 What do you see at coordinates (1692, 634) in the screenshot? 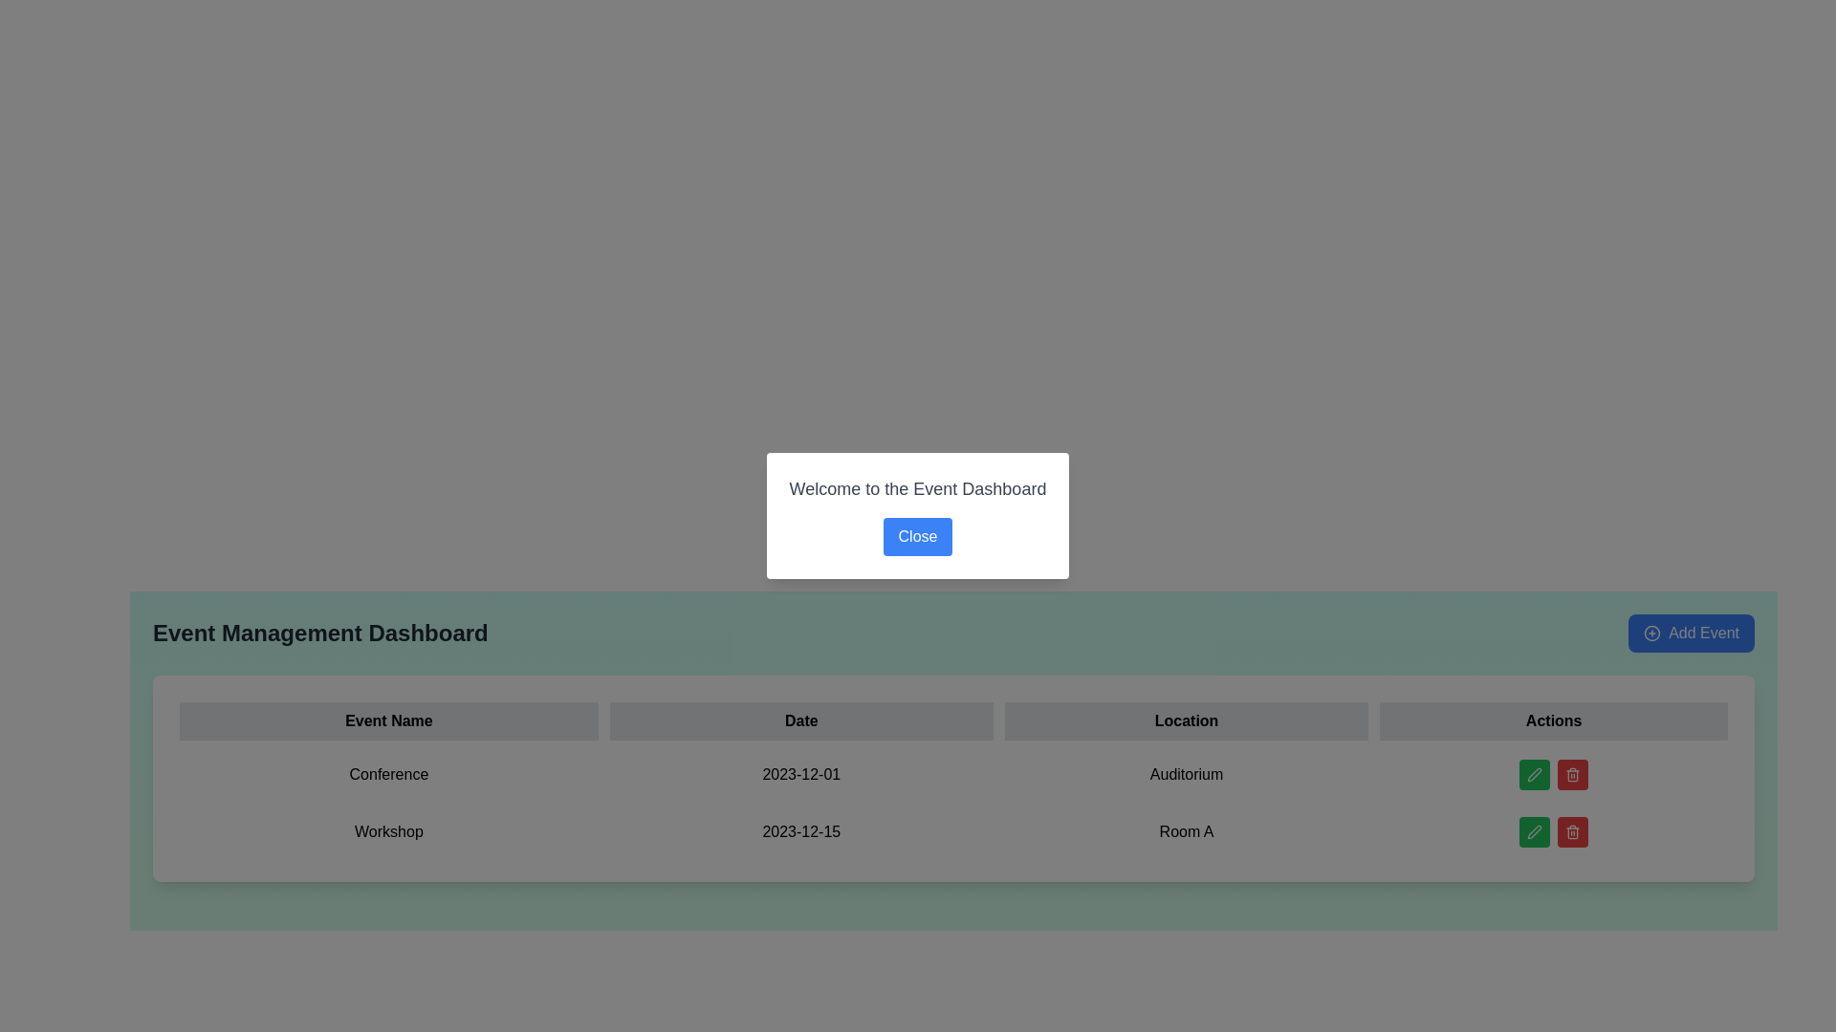
I see `the prominently styled blue 'Add Event' button with white text and a '+' icon` at bounding box center [1692, 634].